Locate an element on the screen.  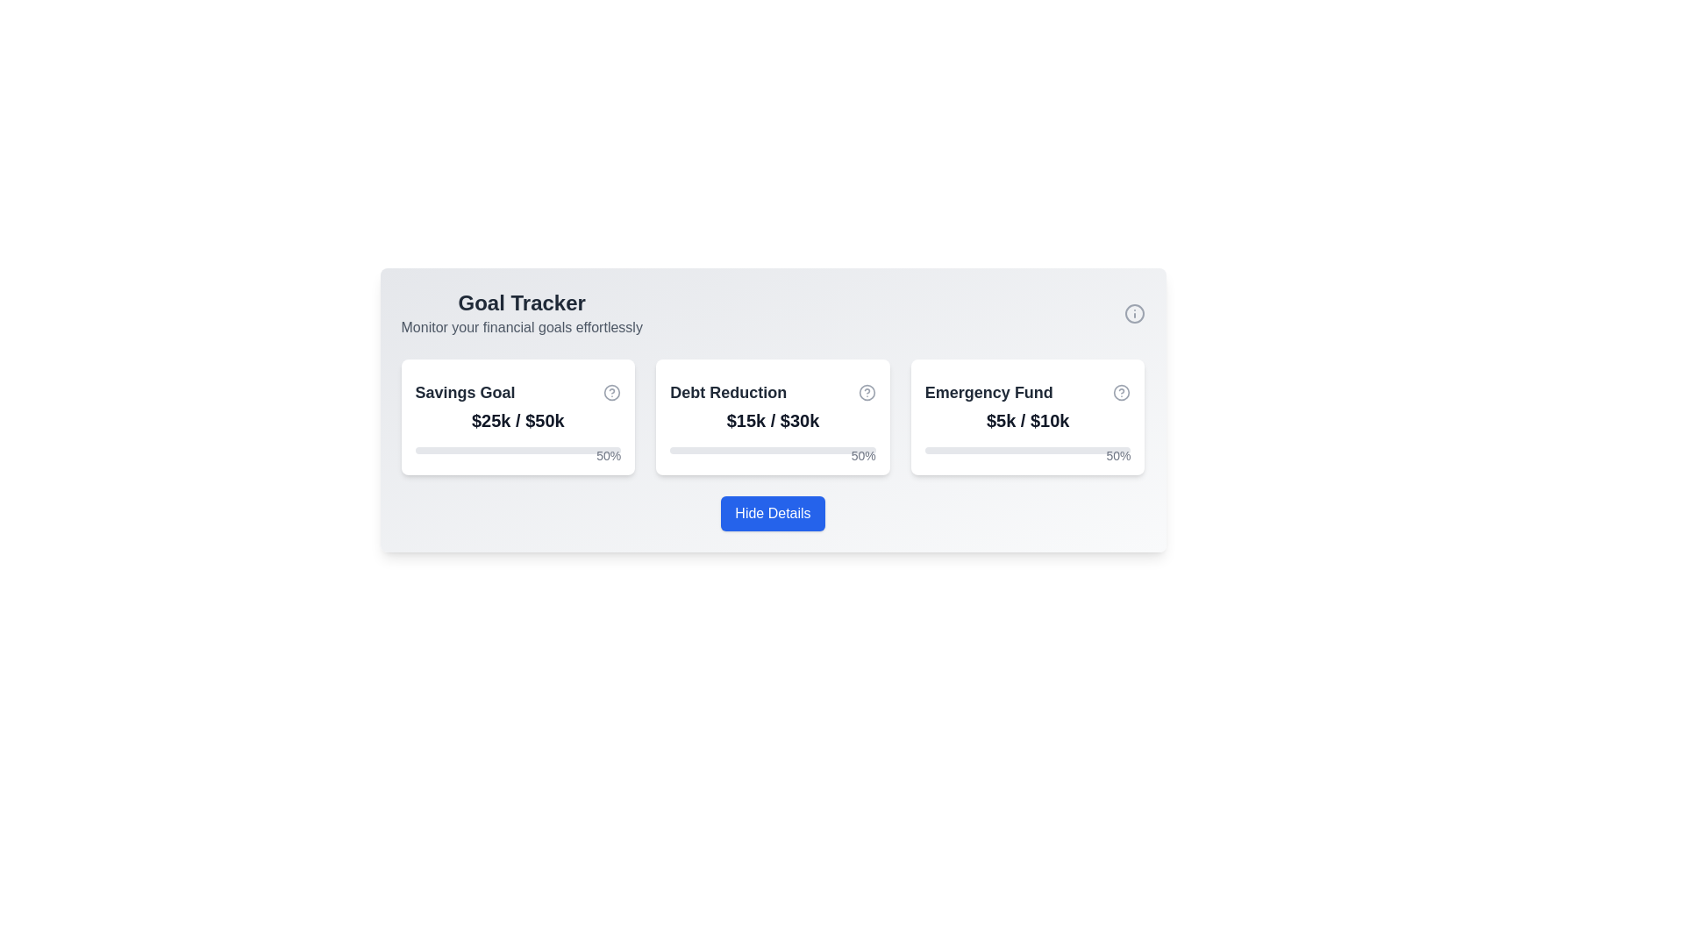
the button located at the bottom of the 'Goal Tracker' panel is located at coordinates (772, 513).